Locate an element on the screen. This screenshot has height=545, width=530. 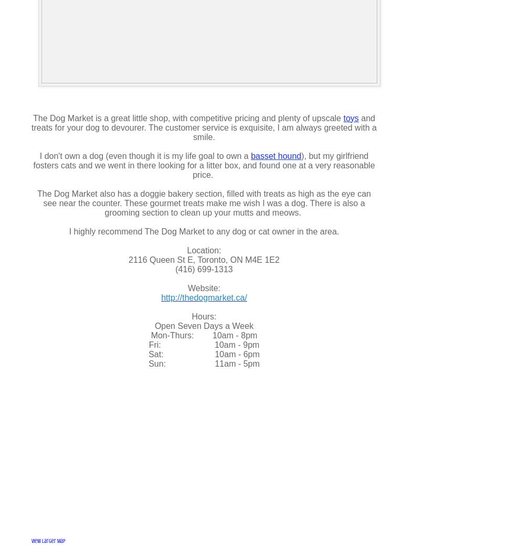
'Sun:                     11am - 5pm' is located at coordinates (149, 363).